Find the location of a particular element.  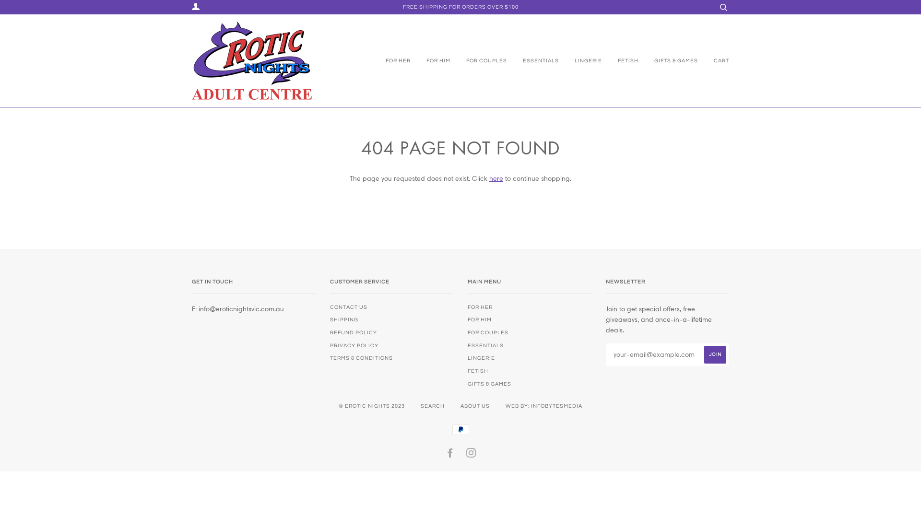

'REFUND POLICY' is located at coordinates (330, 332).